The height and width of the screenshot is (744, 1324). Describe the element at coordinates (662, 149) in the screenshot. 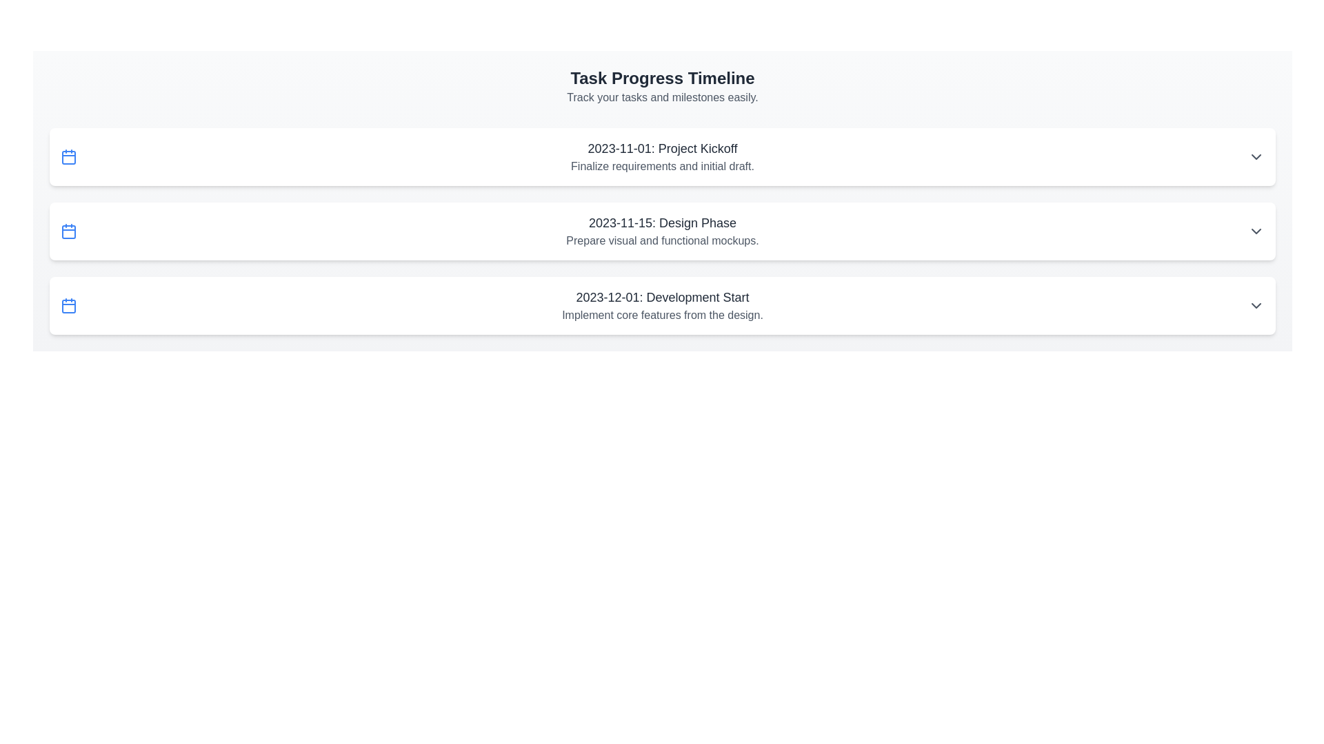

I see `the header text displaying the milestone date and title` at that location.